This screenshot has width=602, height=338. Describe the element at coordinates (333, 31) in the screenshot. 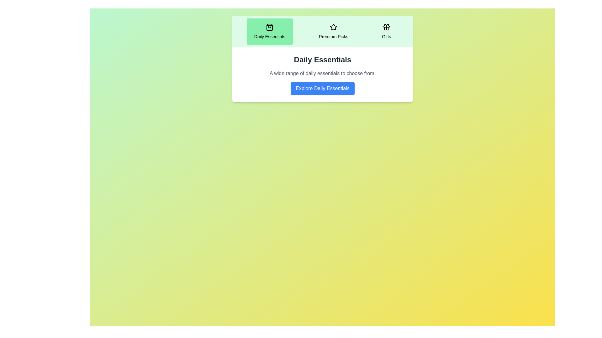

I see `the tab labeled Premium Picks` at that location.